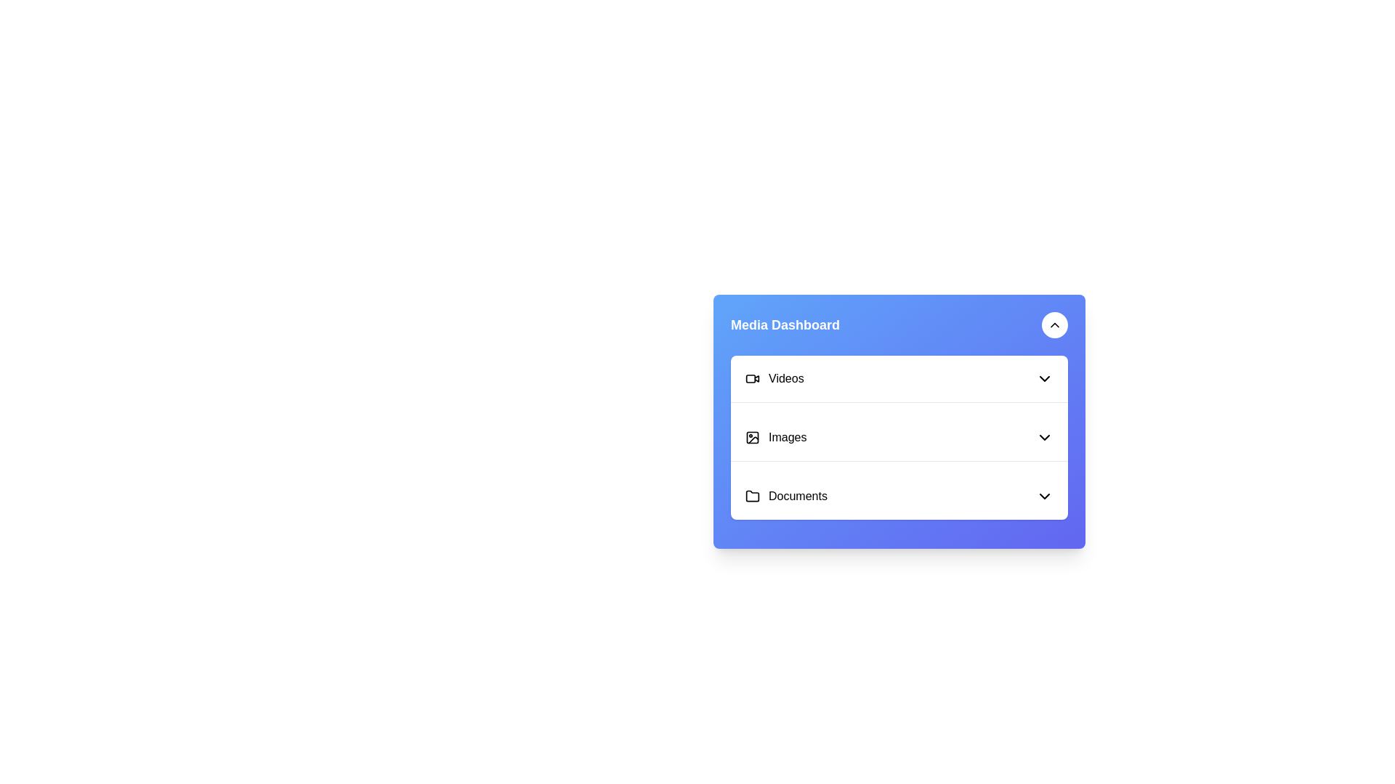  I want to click on the 'Videos' dropdown list item located under the 'Media Dashboard' title, so click(899, 377).